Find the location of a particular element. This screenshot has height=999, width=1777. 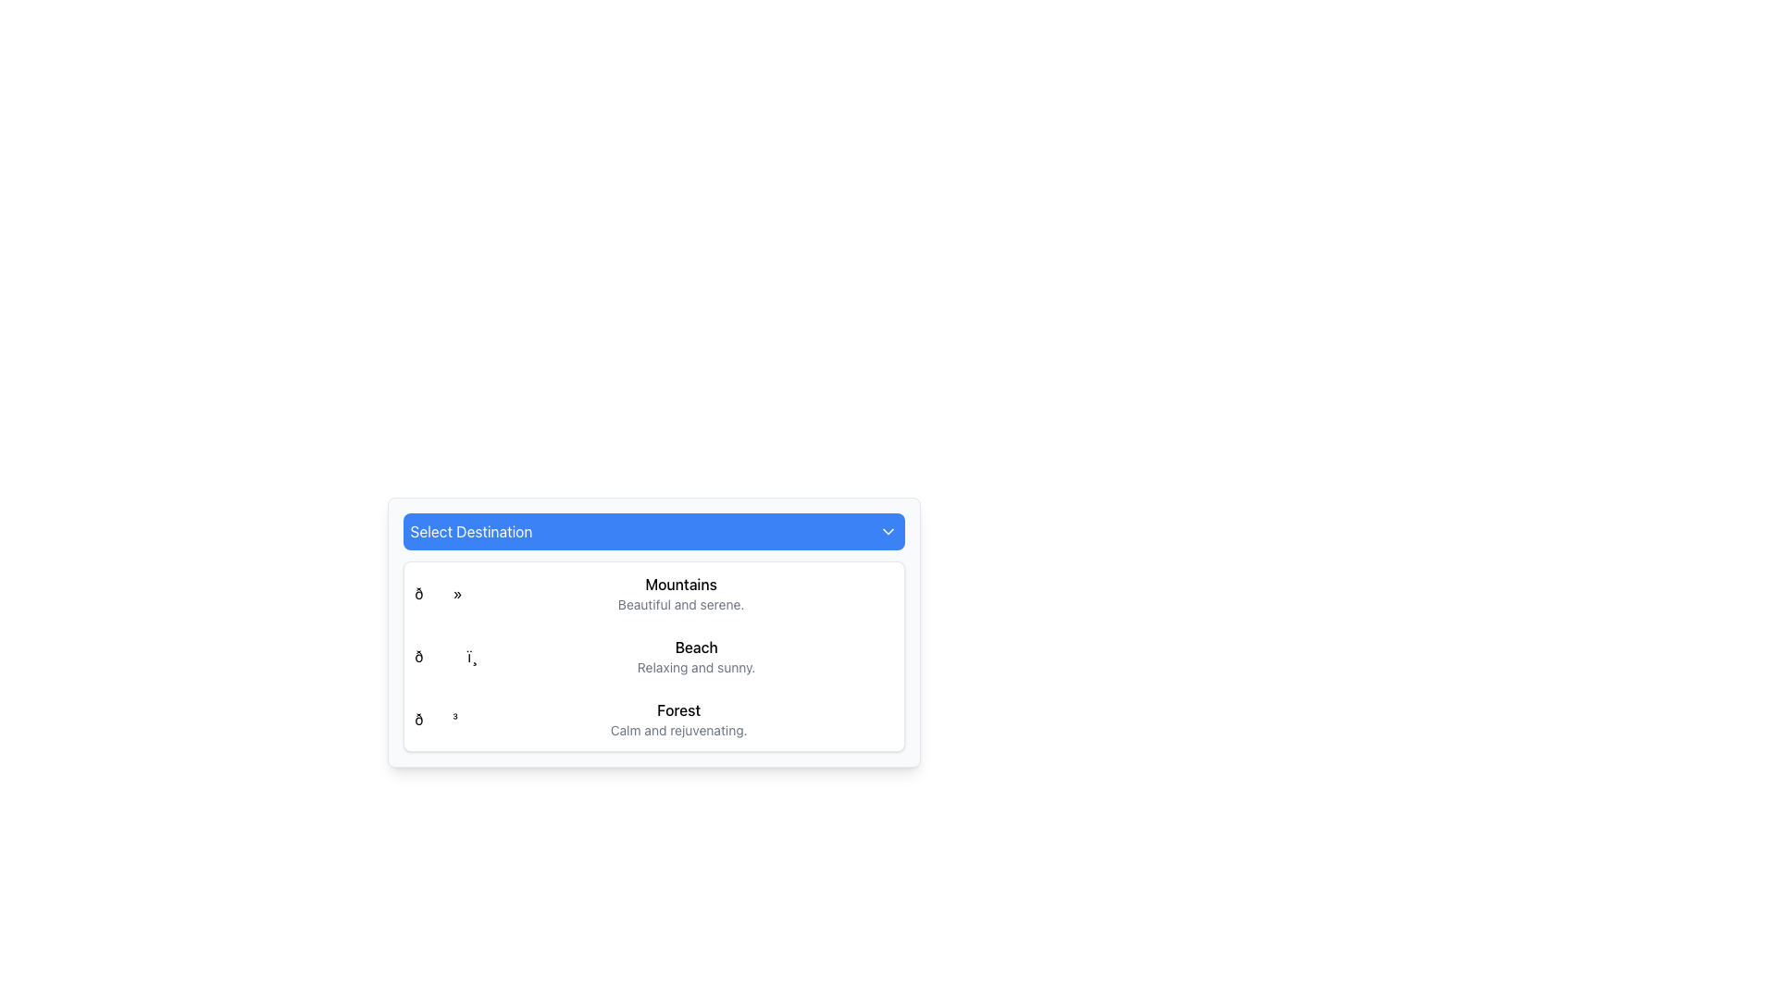

the descriptive text element located directly below the 'Mountains' title, which serves as additional information for the title is located at coordinates (680, 605).